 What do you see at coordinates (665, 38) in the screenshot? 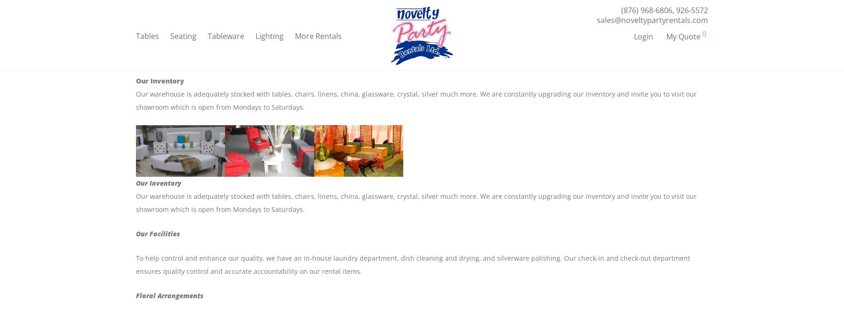
I see `'My Quote'` at bounding box center [665, 38].